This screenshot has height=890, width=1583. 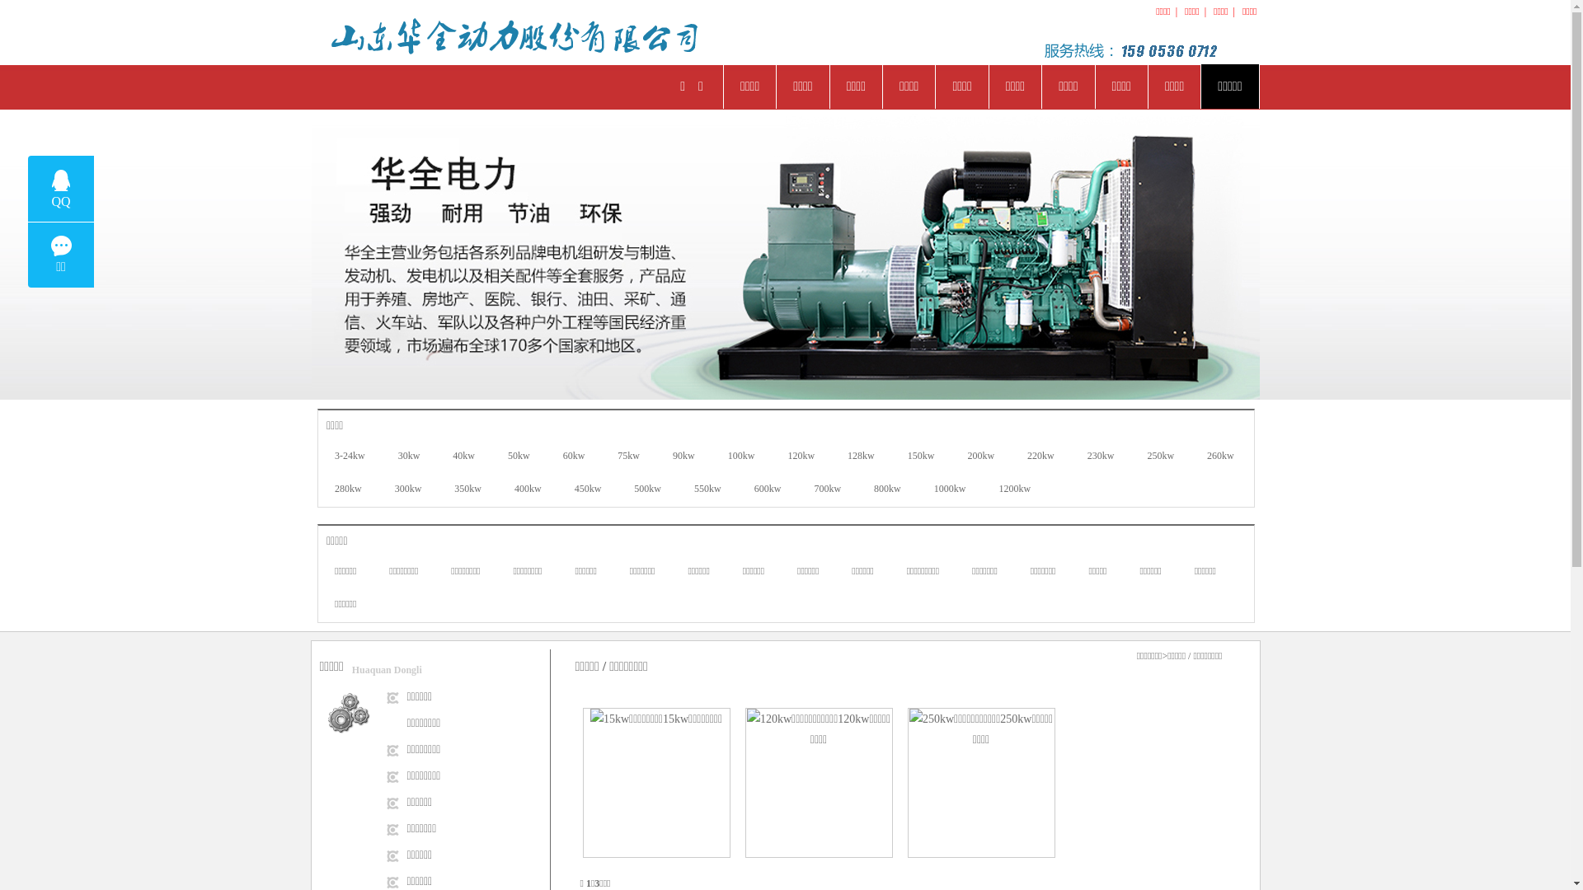 What do you see at coordinates (627, 456) in the screenshot?
I see `'75kw'` at bounding box center [627, 456].